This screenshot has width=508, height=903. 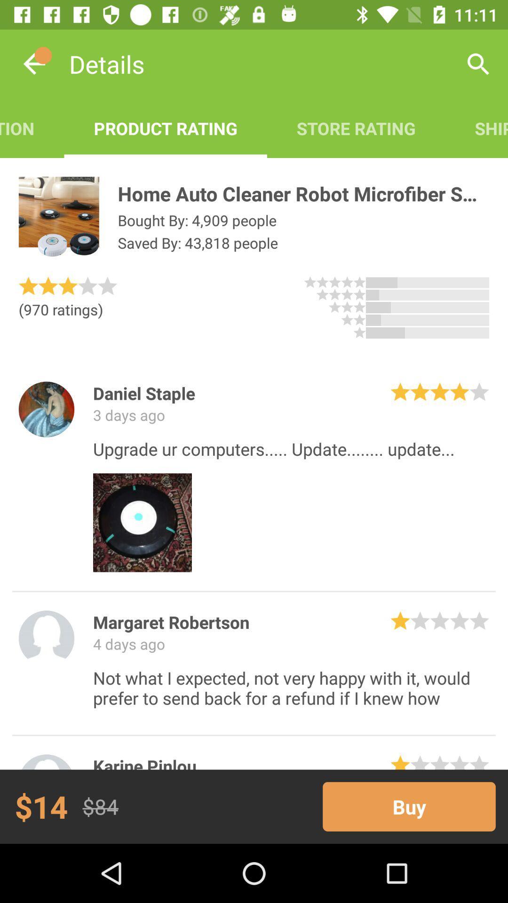 What do you see at coordinates (476, 128) in the screenshot?
I see `icon above home auto cleaner item` at bounding box center [476, 128].